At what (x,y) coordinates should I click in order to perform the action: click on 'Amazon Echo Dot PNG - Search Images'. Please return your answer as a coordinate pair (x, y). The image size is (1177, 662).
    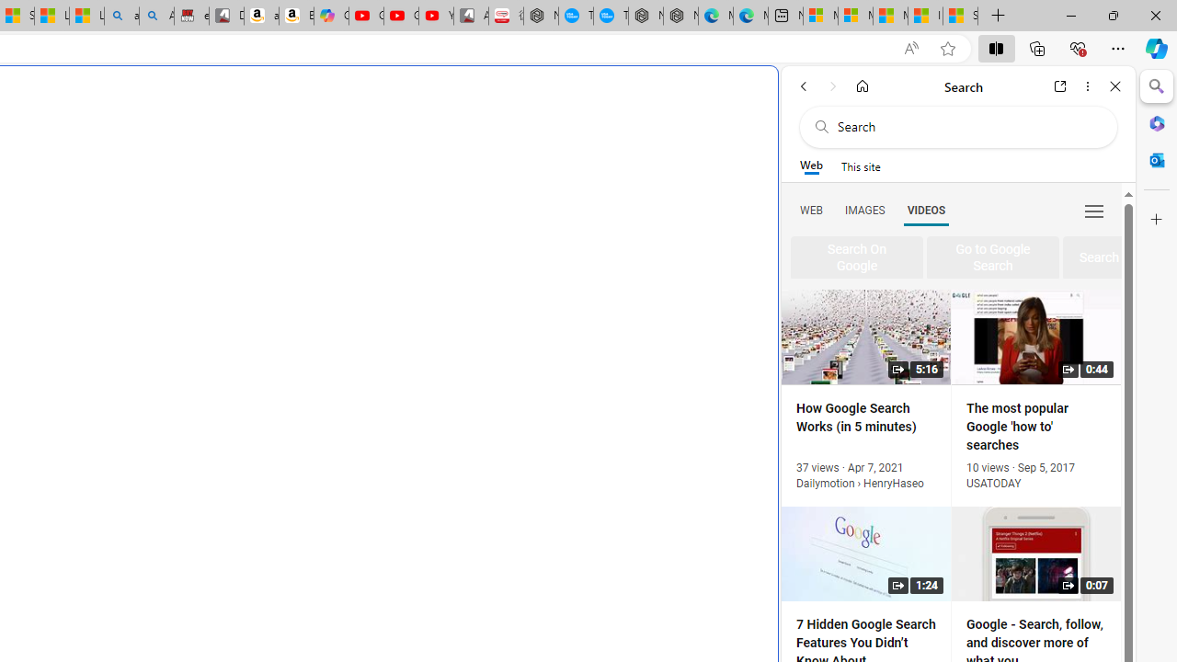
    Looking at the image, I should click on (156, 16).